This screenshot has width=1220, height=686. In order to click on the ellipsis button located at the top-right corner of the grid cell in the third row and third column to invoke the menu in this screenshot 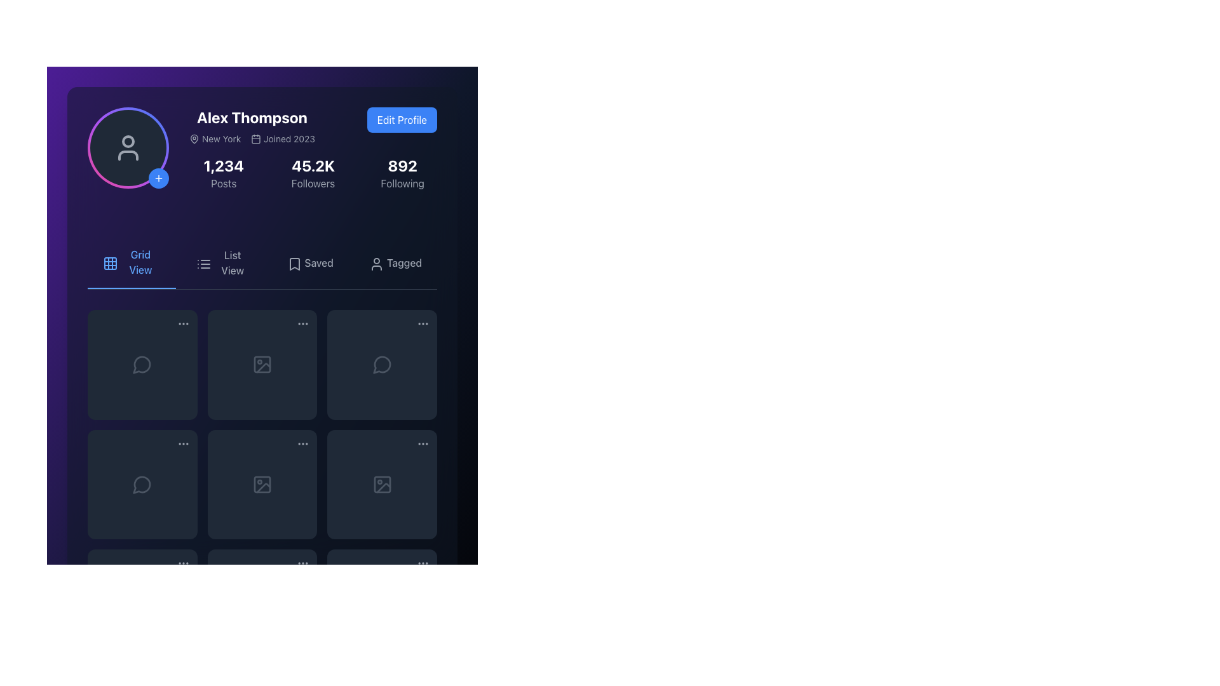, I will do `click(423, 443)`.